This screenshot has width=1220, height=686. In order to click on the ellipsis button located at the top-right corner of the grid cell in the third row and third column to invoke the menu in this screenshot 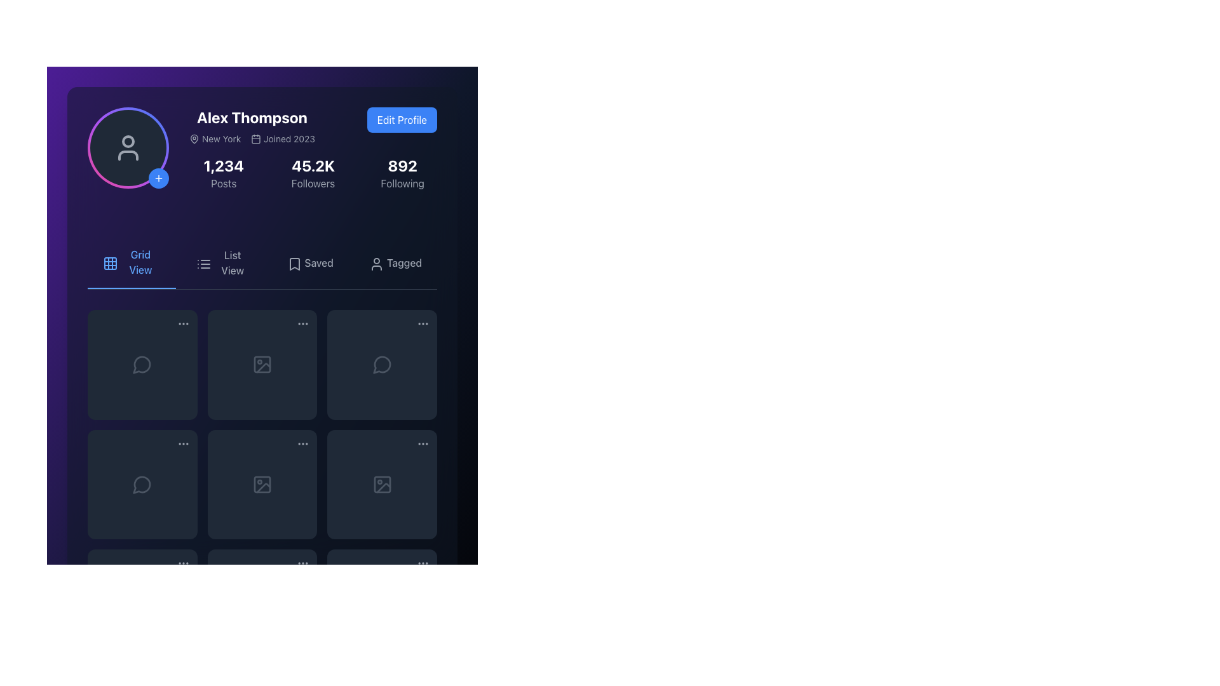, I will do `click(423, 443)`.